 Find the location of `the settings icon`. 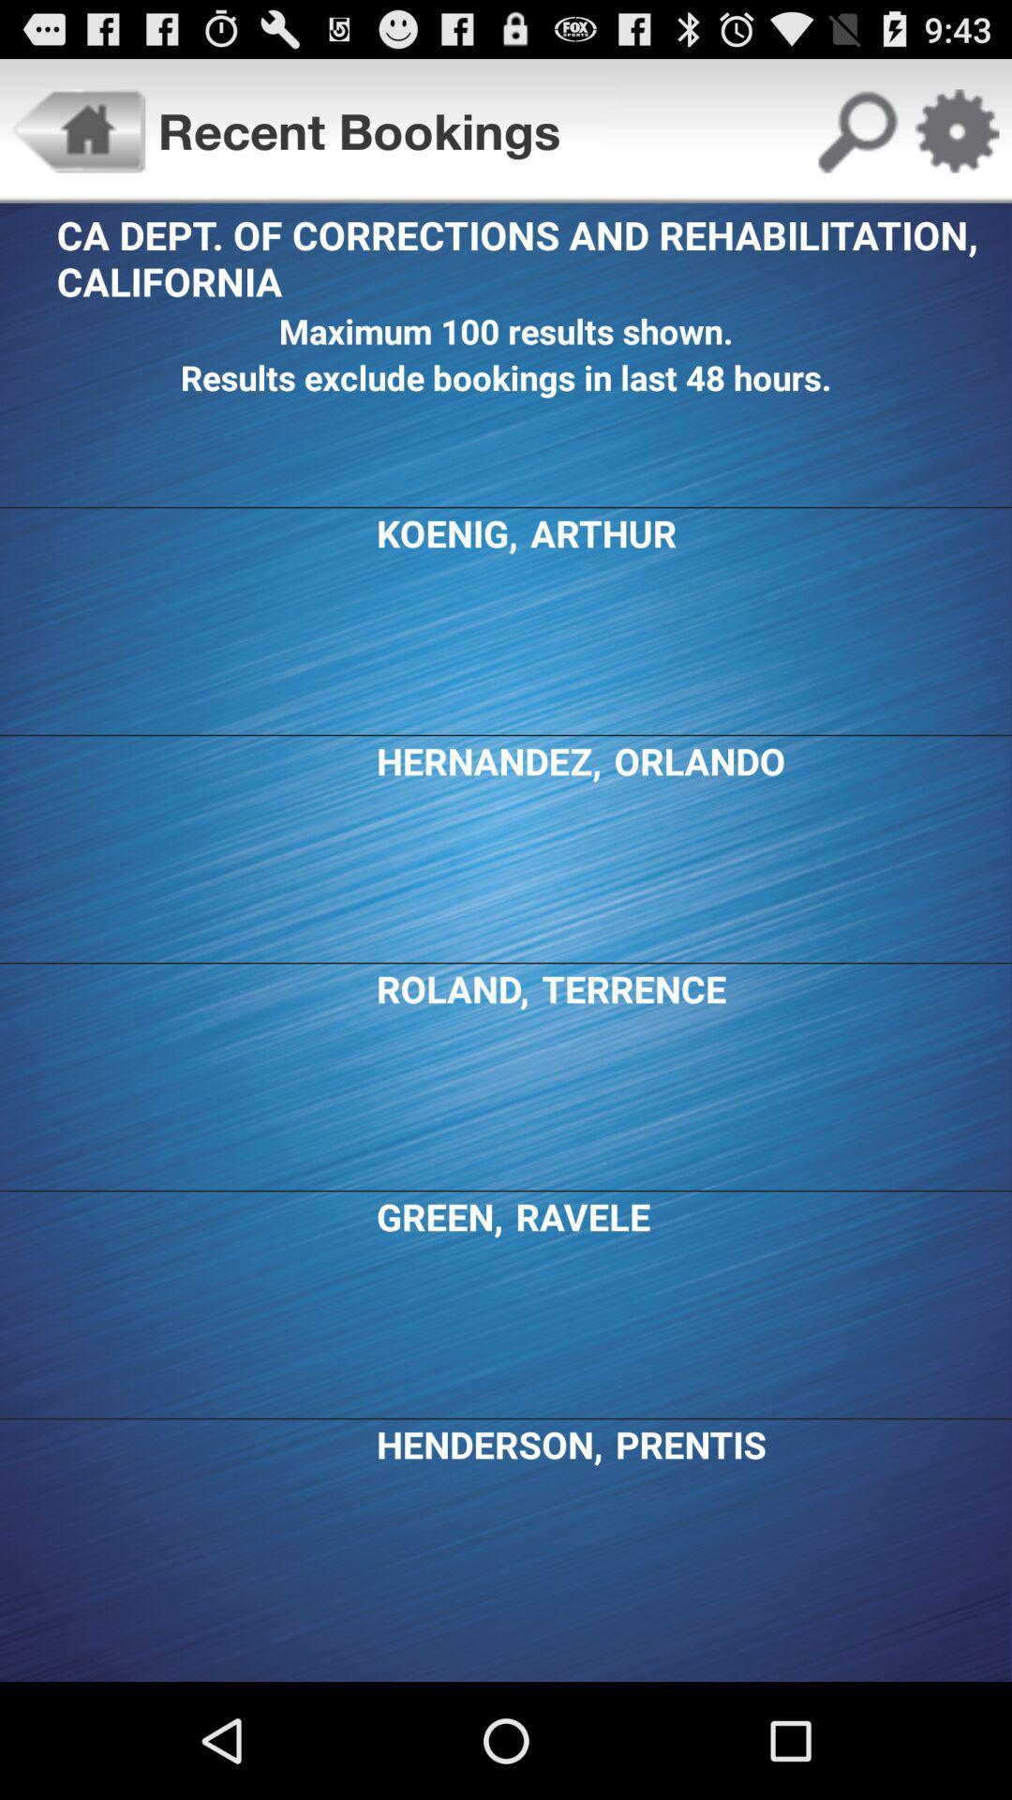

the settings icon is located at coordinates (956, 139).